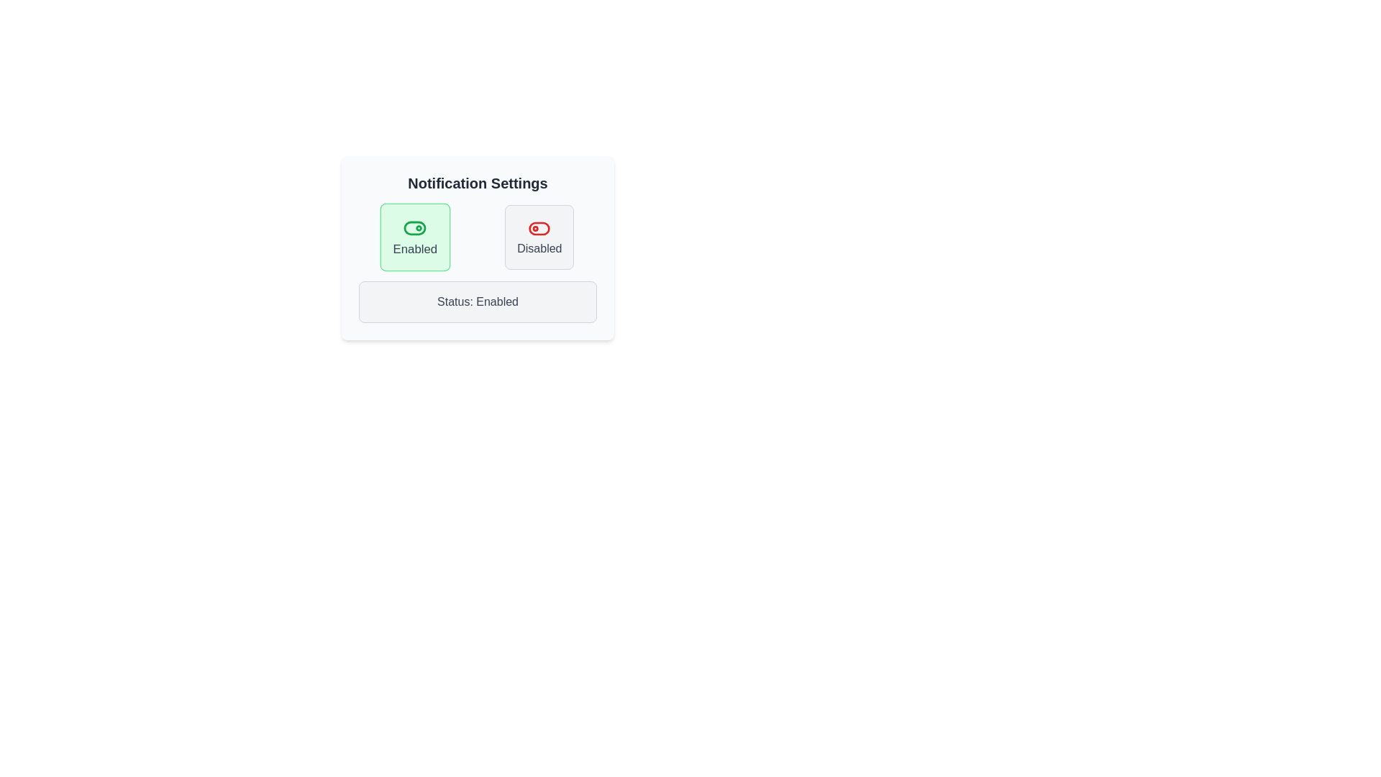 The image size is (1381, 777). What do you see at coordinates (478, 301) in the screenshot?
I see `the static label that displays 'Status: Enabled', which is styled with a light gray background and positioned at the bottom of the 'Notification Settings' card` at bounding box center [478, 301].